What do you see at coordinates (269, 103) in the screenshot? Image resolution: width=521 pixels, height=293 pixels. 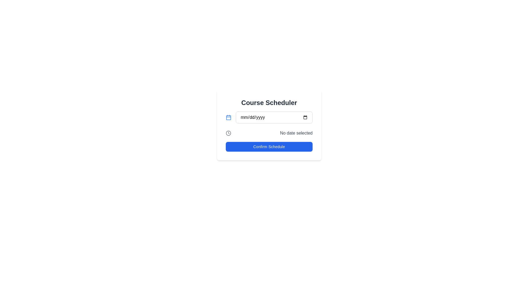 I see `the heading text label that identifies the purpose of the associated content related to course scheduling, located at the top of the layout block` at bounding box center [269, 103].